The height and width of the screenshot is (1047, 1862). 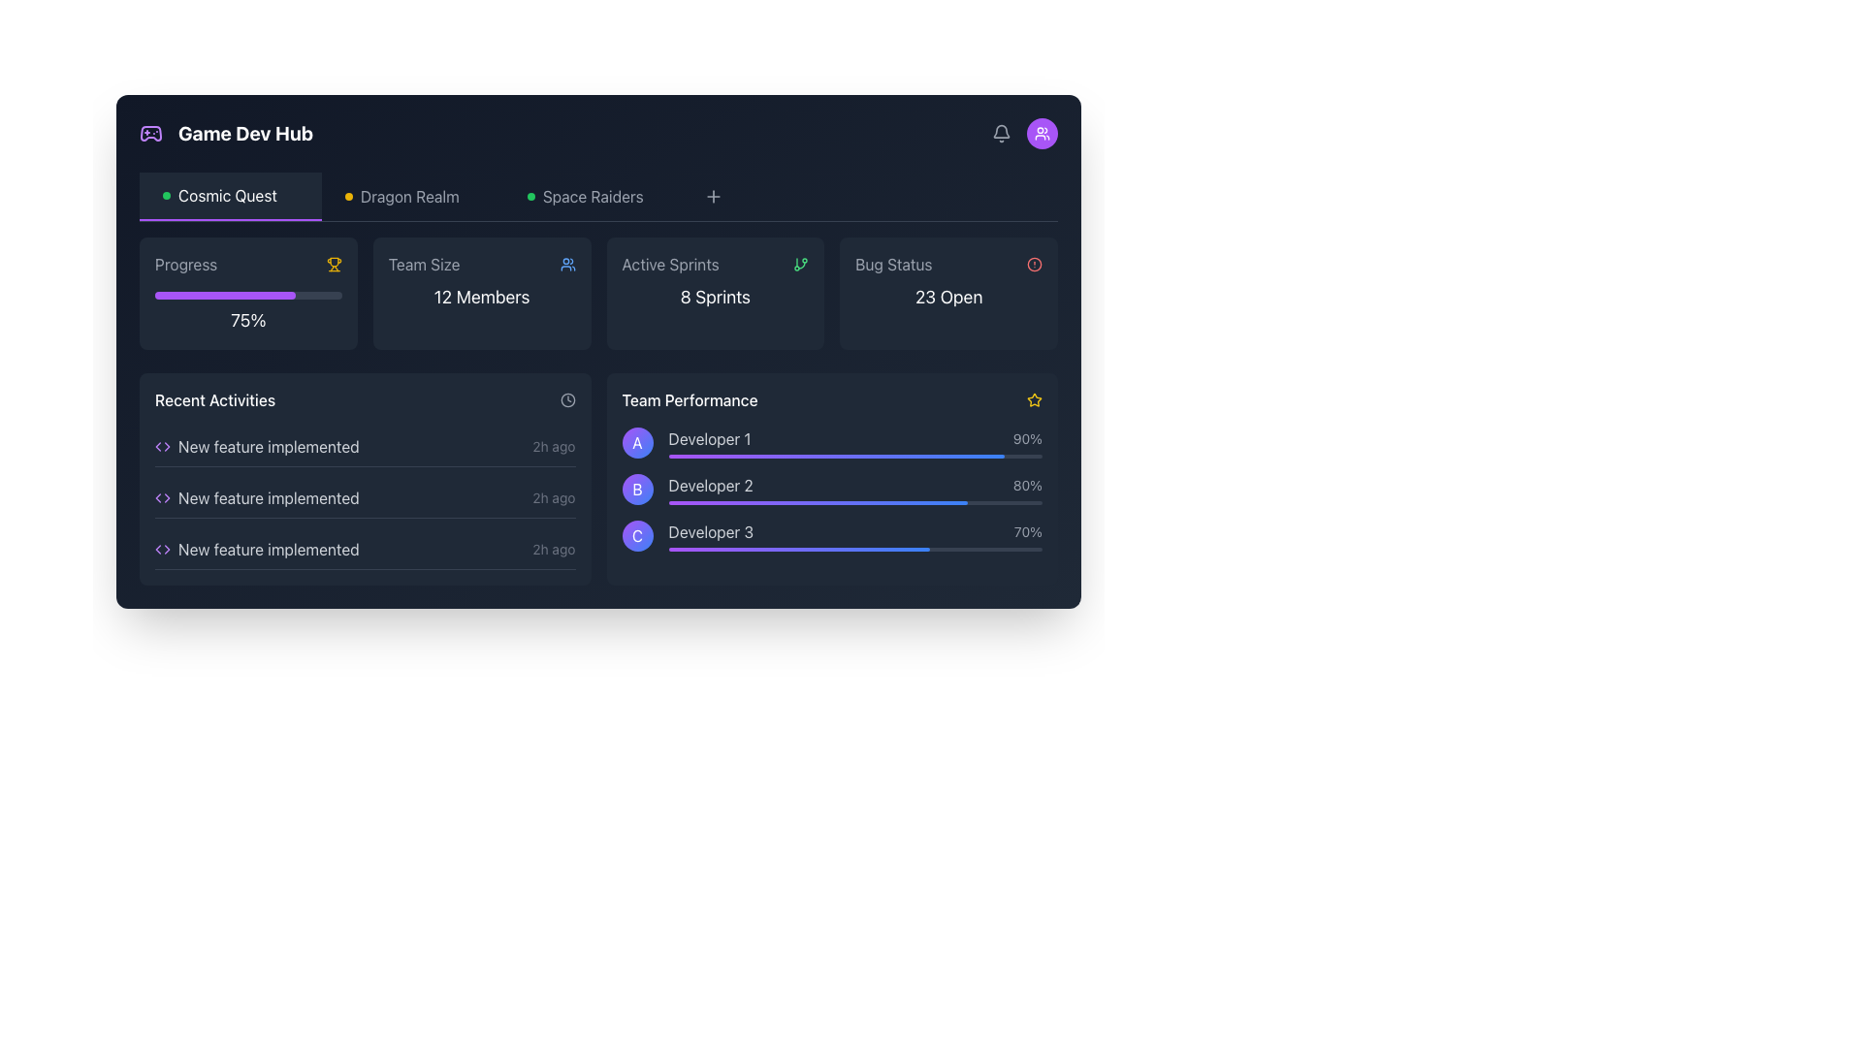 What do you see at coordinates (1026, 438) in the screenshot?
I see `the Text label displaying '90%' which is positioned at the far right of a horizontal layout next to 'Developer 1'` at bounding box center [1026, 438].